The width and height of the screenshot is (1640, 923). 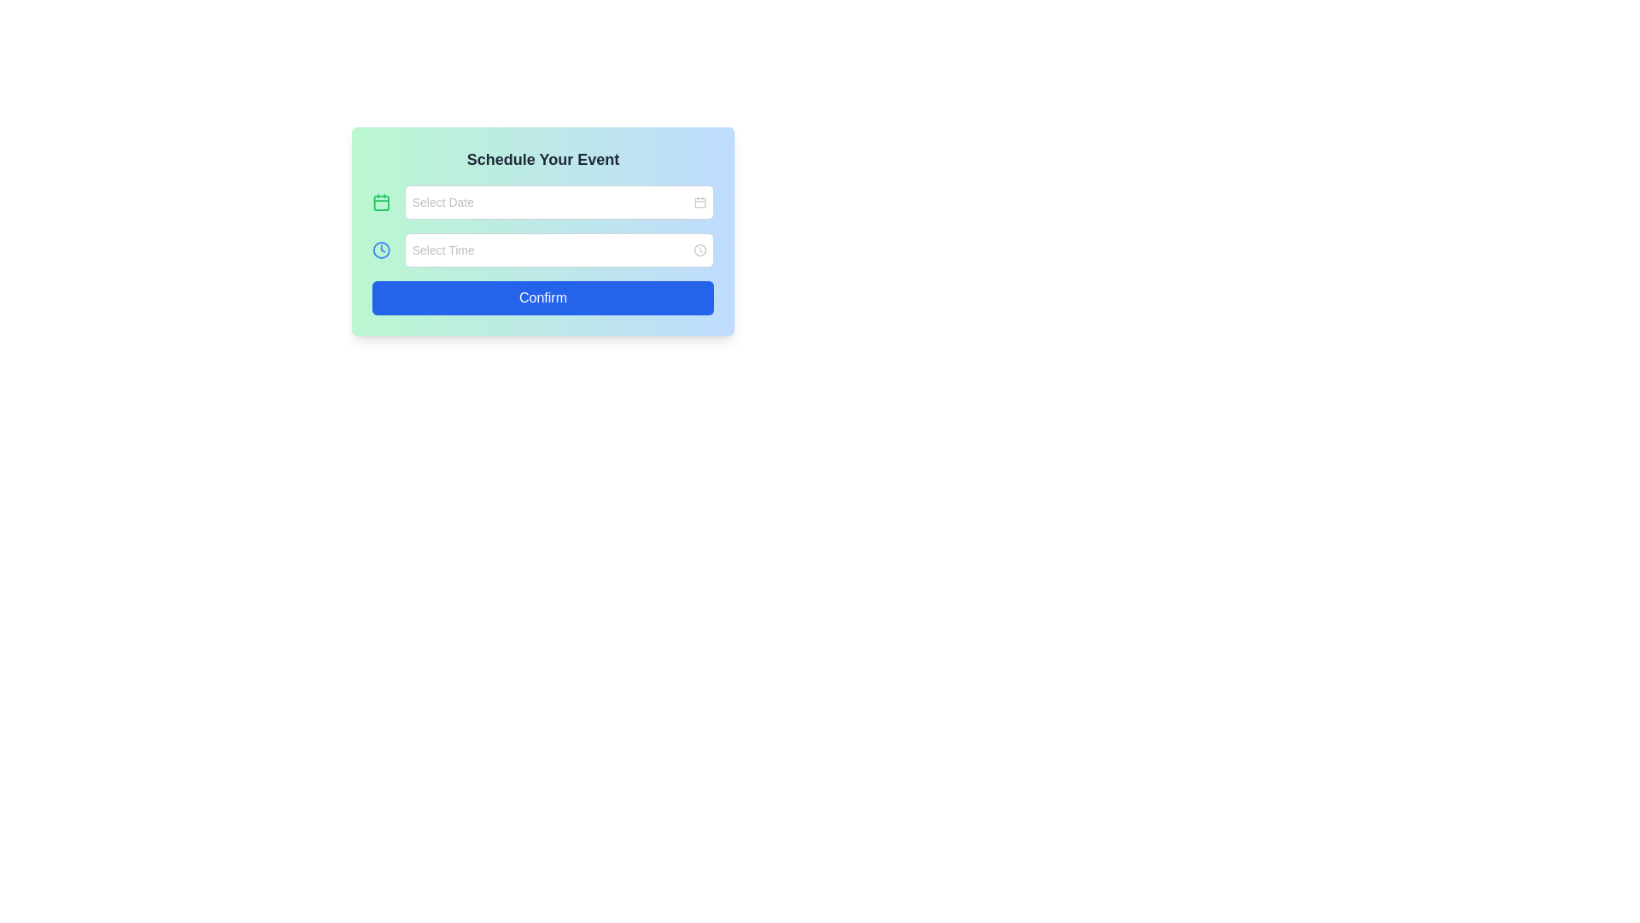 What do you see at coordinates (542, 226) in the screenshot?
I see `the 'Select Date' input box in the Form Section of the 'Schedule Your Event' card` at bounding box center [542, 226].